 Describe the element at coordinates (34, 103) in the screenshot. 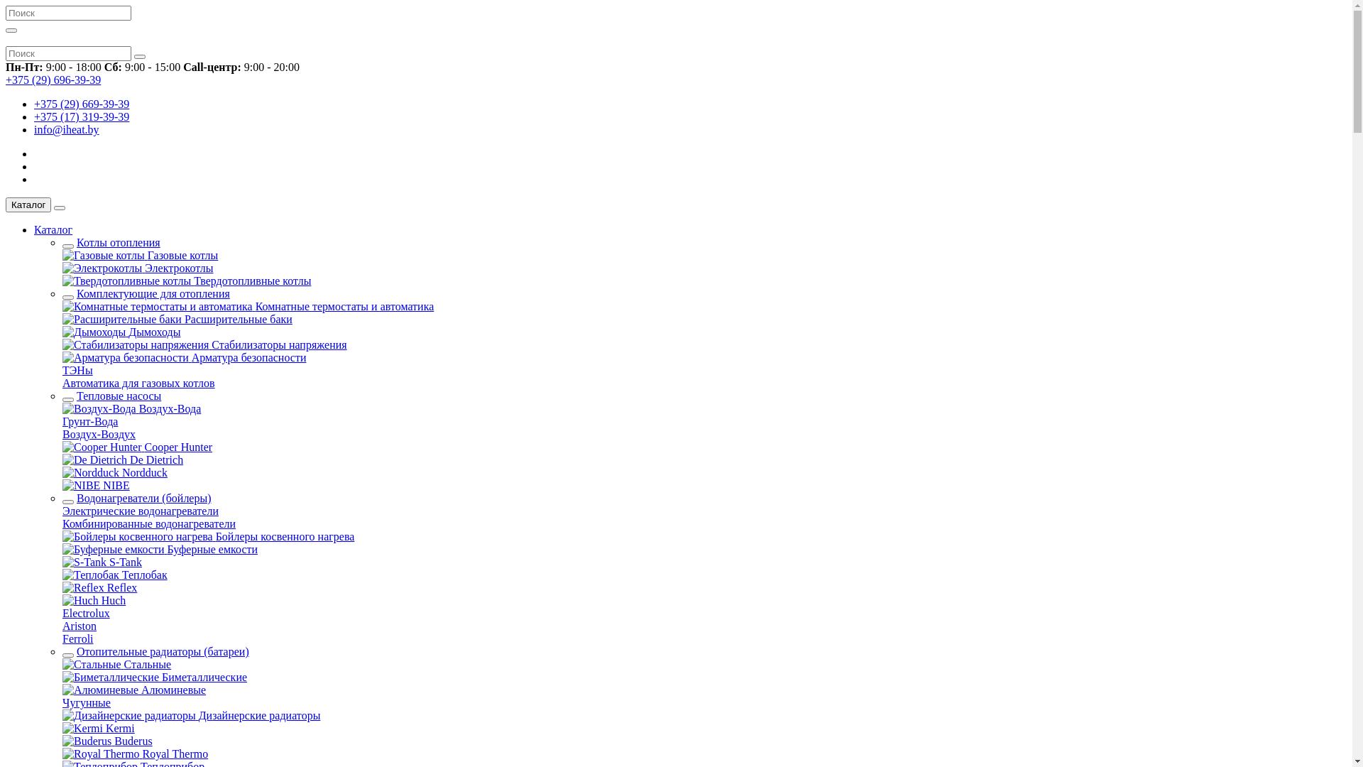

I see `'+375 (29) 669-39-39'` at that location.